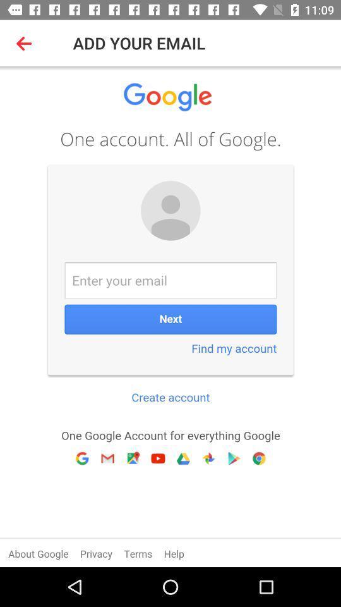  I want to click on google log-in, so click(170, 316).